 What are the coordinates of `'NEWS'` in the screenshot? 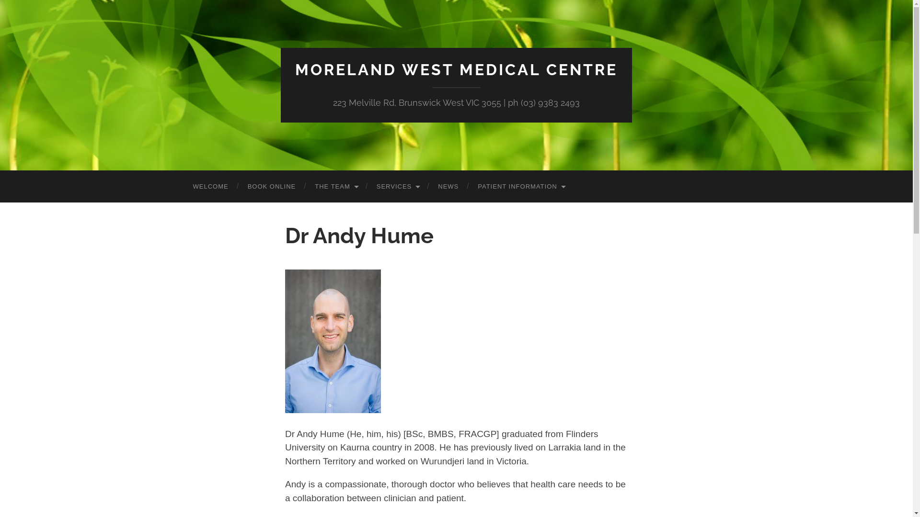 It's located at (448, 186).